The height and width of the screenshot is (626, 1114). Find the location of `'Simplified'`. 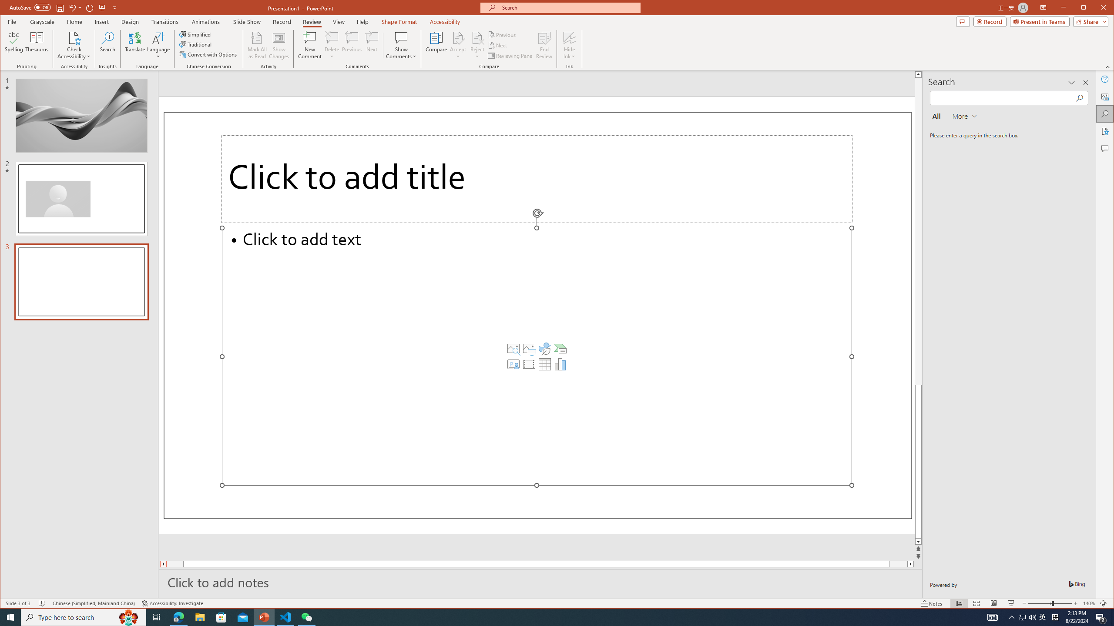

'Simplified' is located at coordinates (195, 34).